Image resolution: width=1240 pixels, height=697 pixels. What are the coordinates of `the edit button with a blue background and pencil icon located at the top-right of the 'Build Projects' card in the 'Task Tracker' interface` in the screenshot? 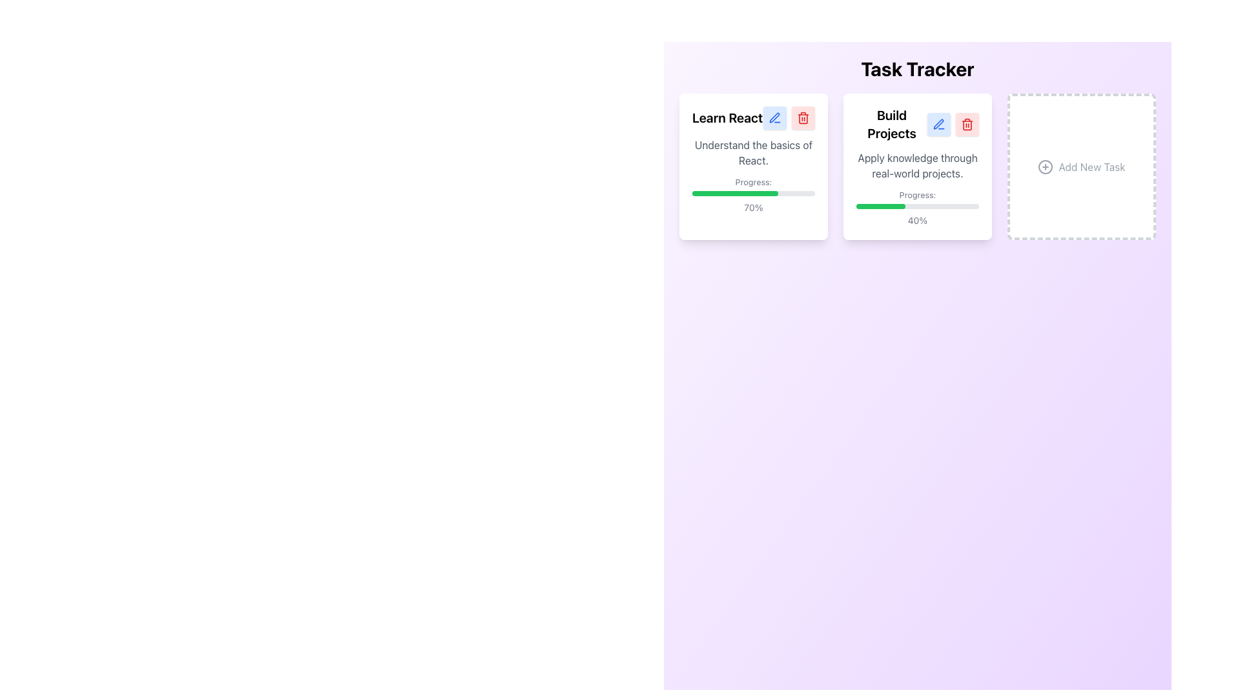 It's located at (939, 124).